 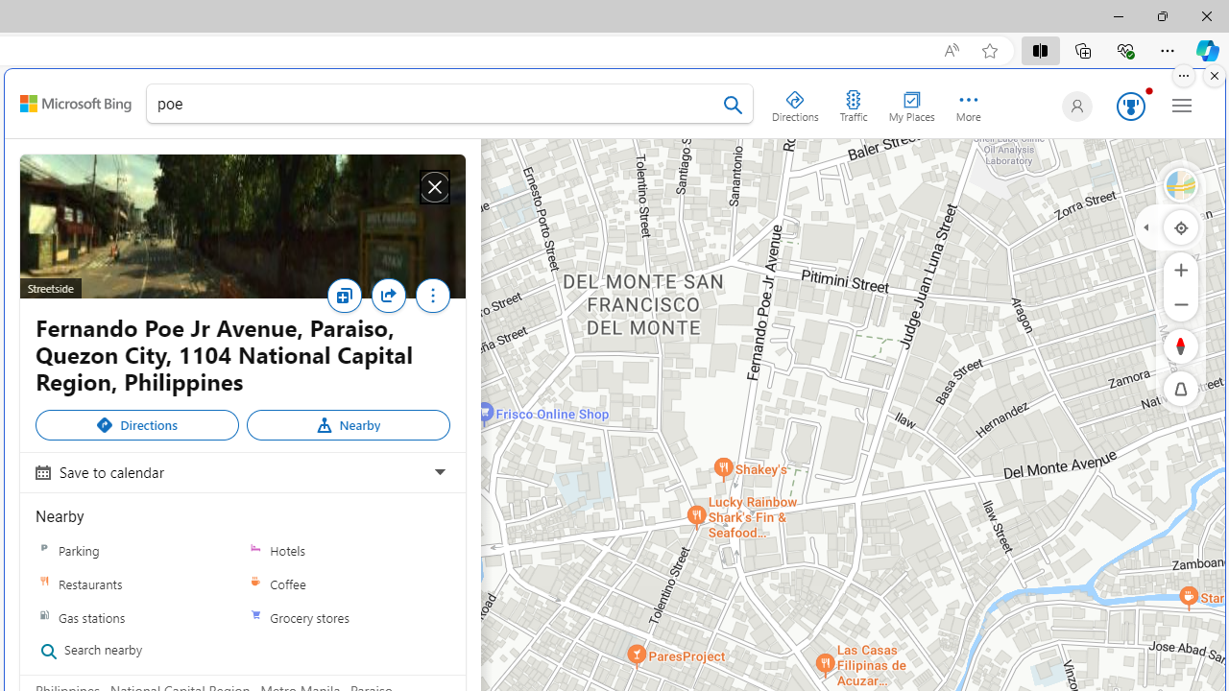 What do you see at coordinates (348, 424) in the screenshot?
I see `'Nearby'` at bounding box center [348, 424].